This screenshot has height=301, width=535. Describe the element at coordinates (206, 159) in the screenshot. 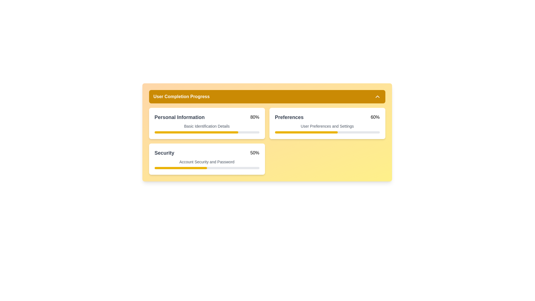

I see `the progress of the Card with Progress Bar titled 'Security', which displays a 50% completion status and contains a yellow progress bar at the bottom` at that location.